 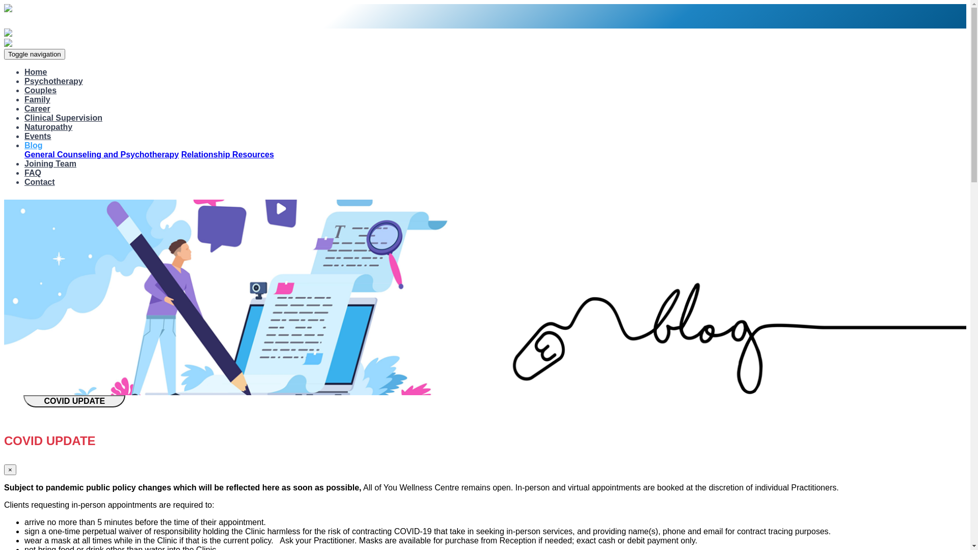 What do you see at coordinates (33, 172) in the screenshot?
I see `'FAQ'` at bounding box center [33, 172].